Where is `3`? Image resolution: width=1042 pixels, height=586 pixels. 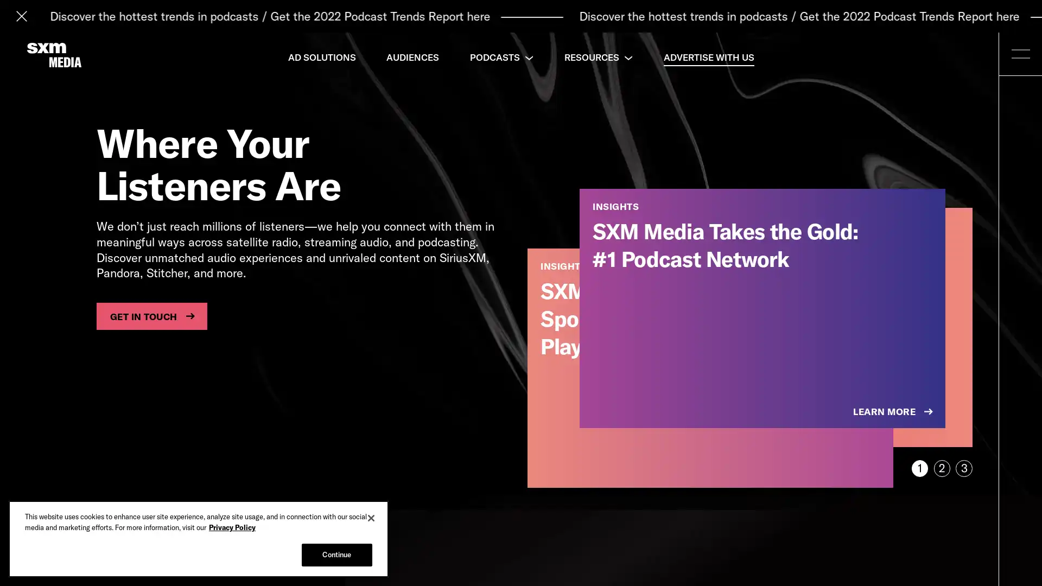 3 is located at coordinates (964, 468).